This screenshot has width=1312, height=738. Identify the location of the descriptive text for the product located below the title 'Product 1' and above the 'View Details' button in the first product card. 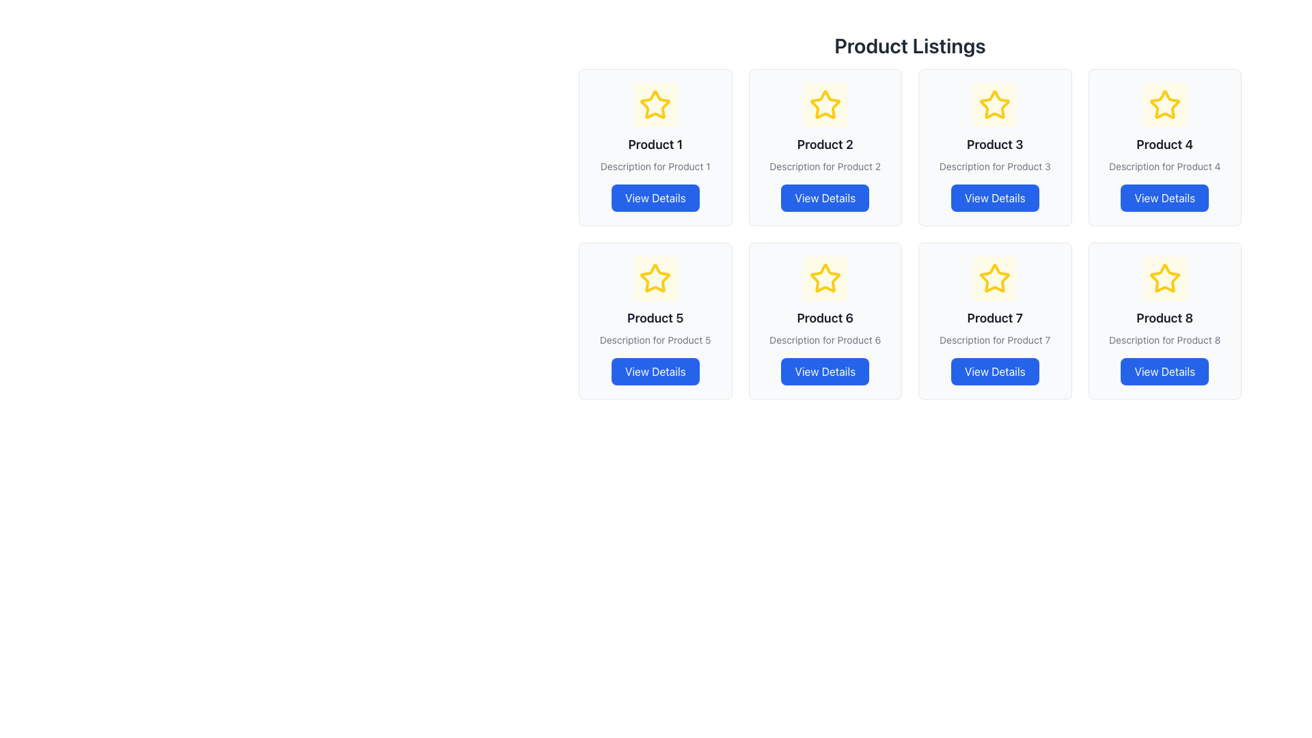
(655, 165).